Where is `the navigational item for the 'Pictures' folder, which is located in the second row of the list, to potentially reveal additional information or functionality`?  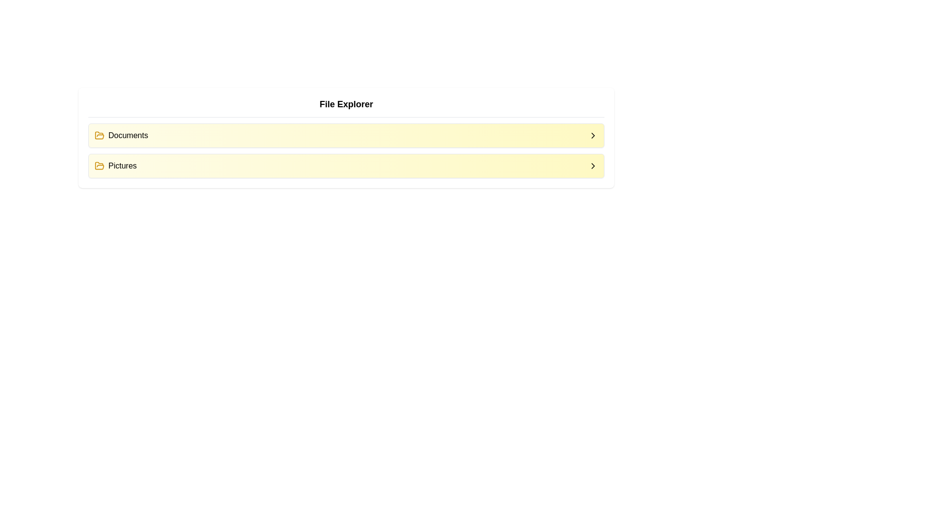 the navigational item for the 'Pictures' folder, which is located in the second row of the list, to potentially reveal additional information or functionality is located at coordinates (115, 166).